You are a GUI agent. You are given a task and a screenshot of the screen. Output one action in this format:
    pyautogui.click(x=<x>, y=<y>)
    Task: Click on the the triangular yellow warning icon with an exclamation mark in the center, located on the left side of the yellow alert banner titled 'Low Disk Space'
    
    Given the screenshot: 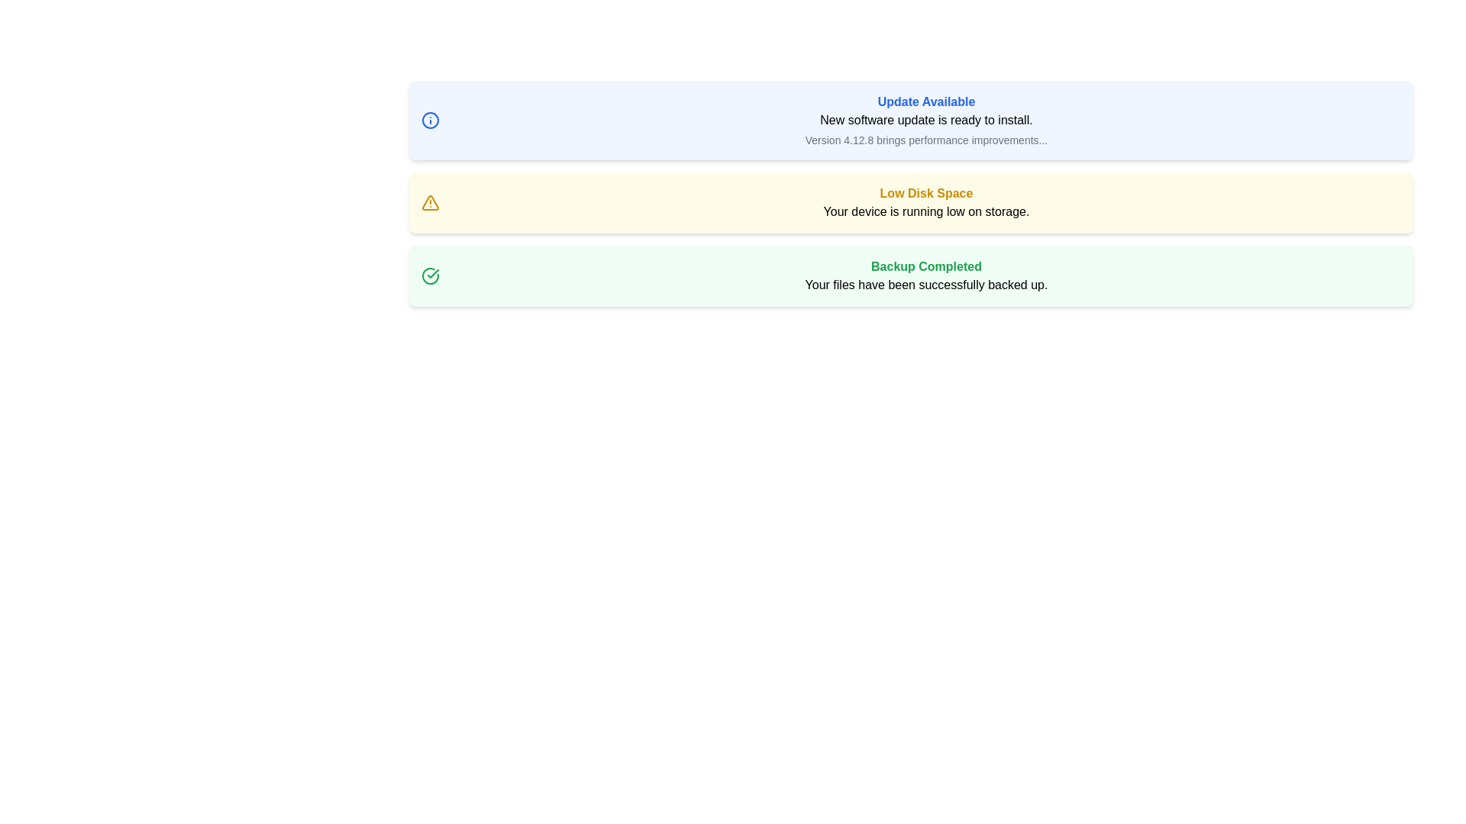 What is the action you would take?
    pyautogui.click(x=430, y=202)
    